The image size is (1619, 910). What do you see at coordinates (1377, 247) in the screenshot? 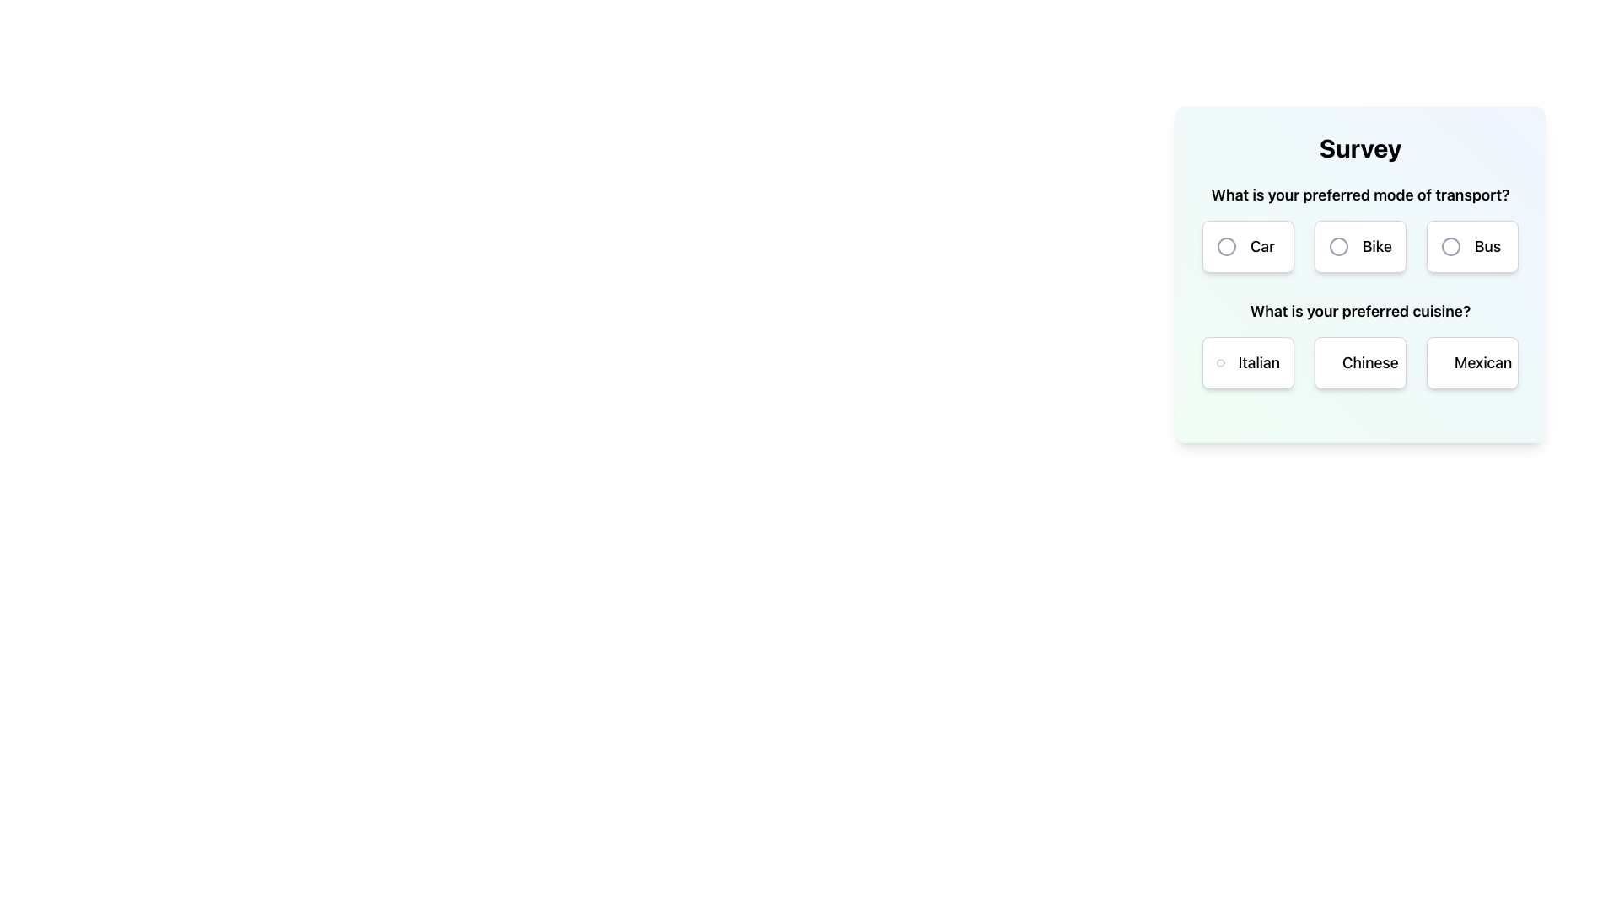
I see `the static text element labeled 'Bike' which is styled with a medium-sized bold font, located in the rightmost option of the first row of choices in the survey` at bounding box center [1377, 247].